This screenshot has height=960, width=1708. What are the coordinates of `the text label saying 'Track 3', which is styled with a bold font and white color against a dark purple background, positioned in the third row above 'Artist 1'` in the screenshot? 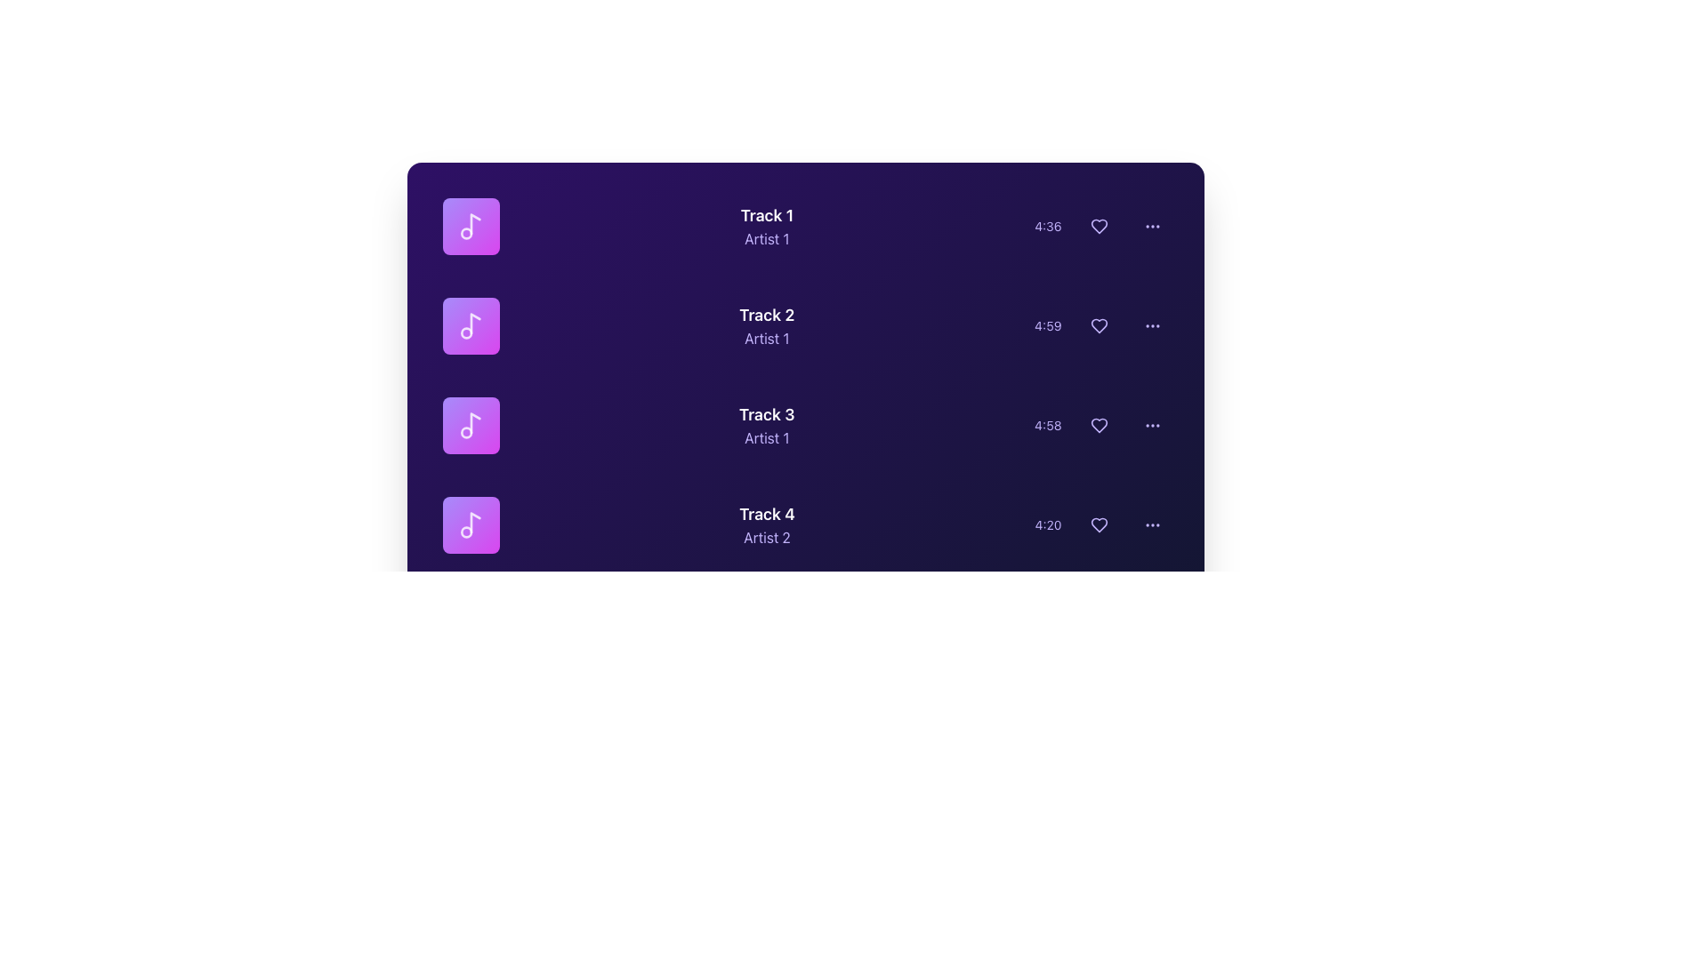 It's located at (767, 414).